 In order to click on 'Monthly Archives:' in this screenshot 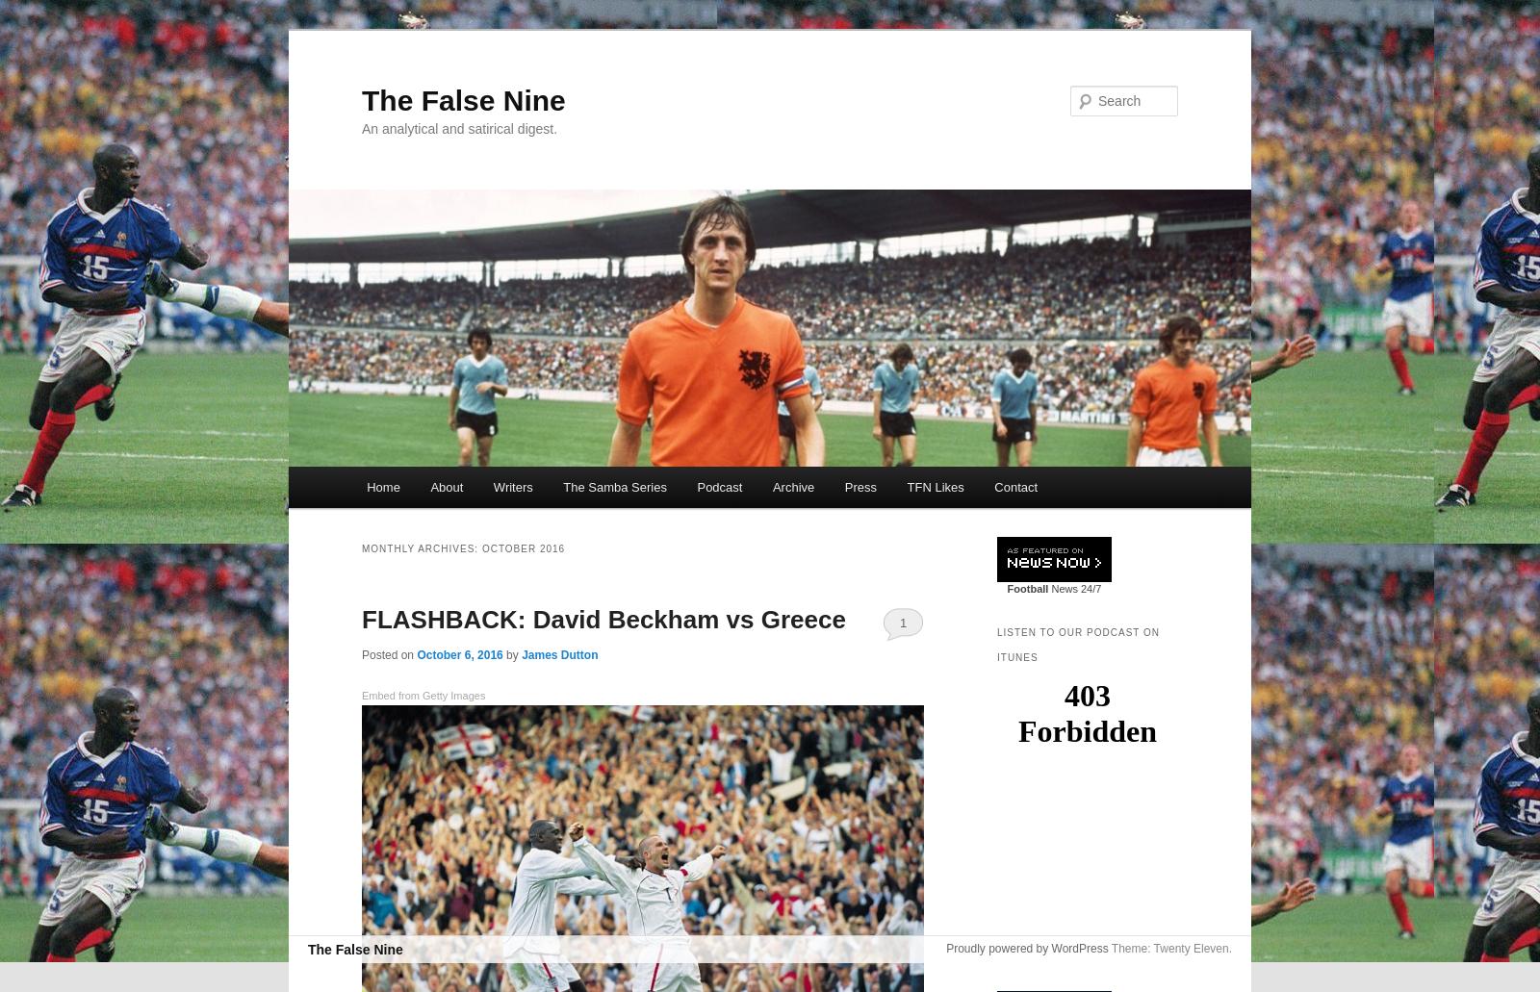, I will do `click(420, 547)`.